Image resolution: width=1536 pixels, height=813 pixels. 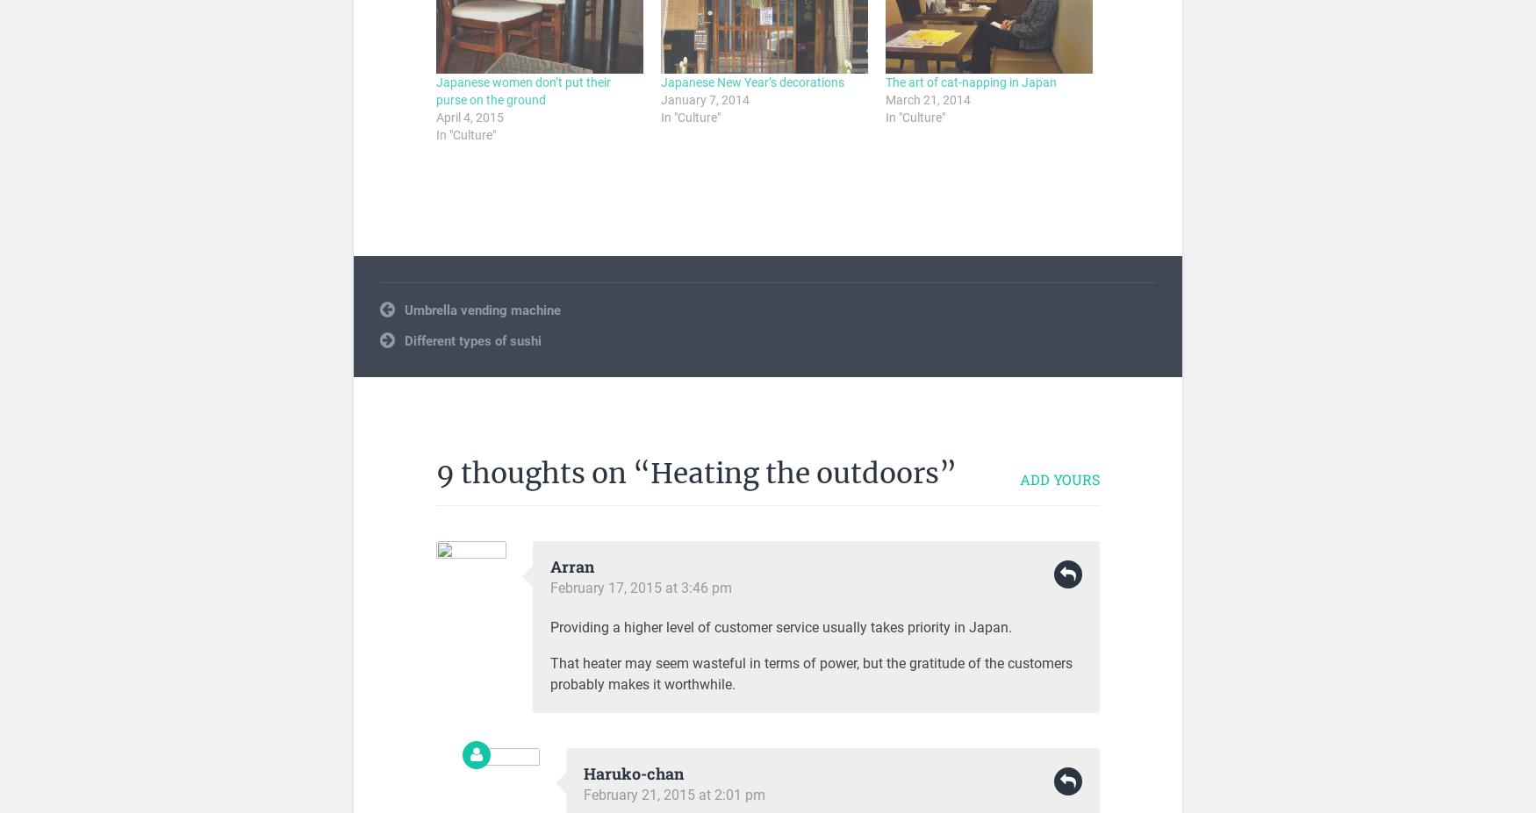 What do you see at coordinates (432, 481) in the screenshot?
I see `'Japanese mentality'` at bounding box center [432, 481].